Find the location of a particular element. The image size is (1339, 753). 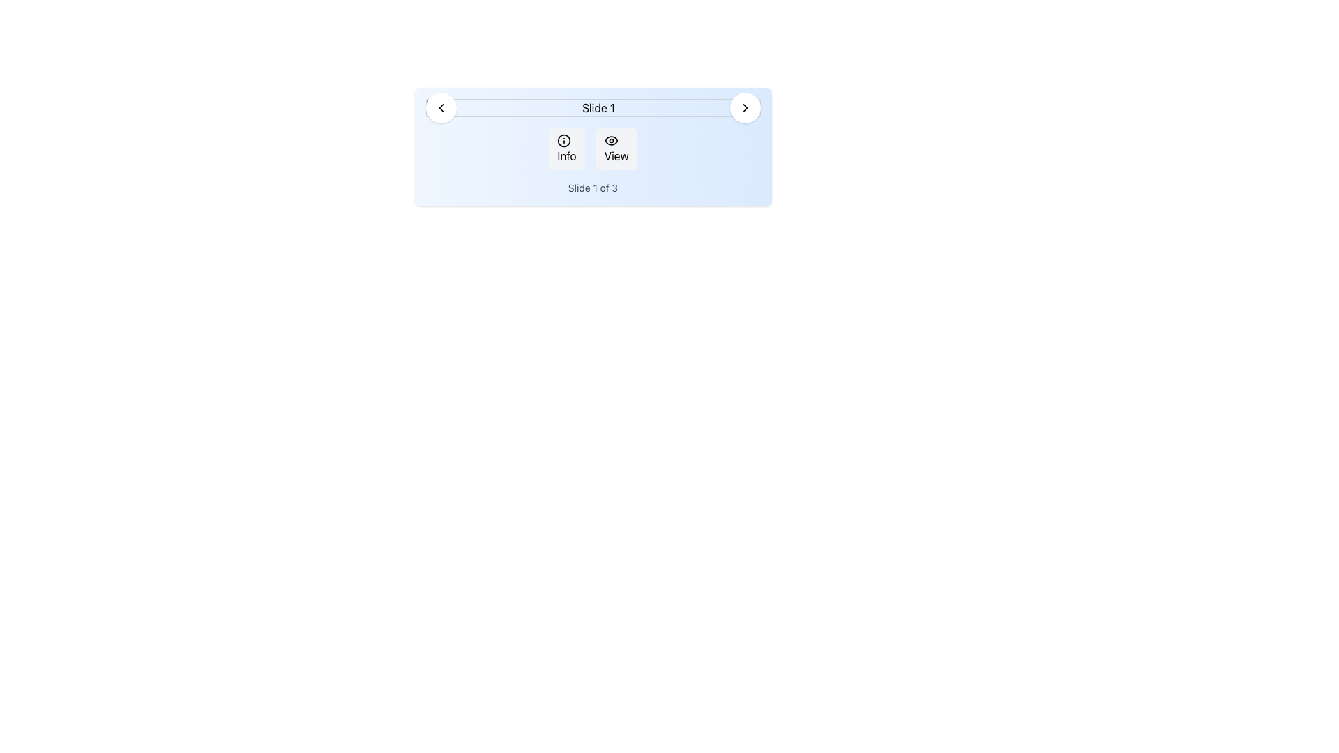

the right-chevron icon located inside the circular button in the top-right corner of the horizontal panel displaying 'Slide 1' is located at coordinates (744, 107).